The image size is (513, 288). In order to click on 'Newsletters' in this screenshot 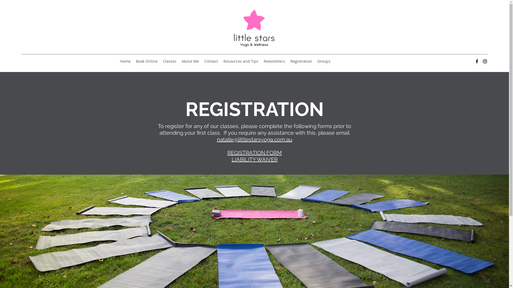, I will do `click(274, 61)`.